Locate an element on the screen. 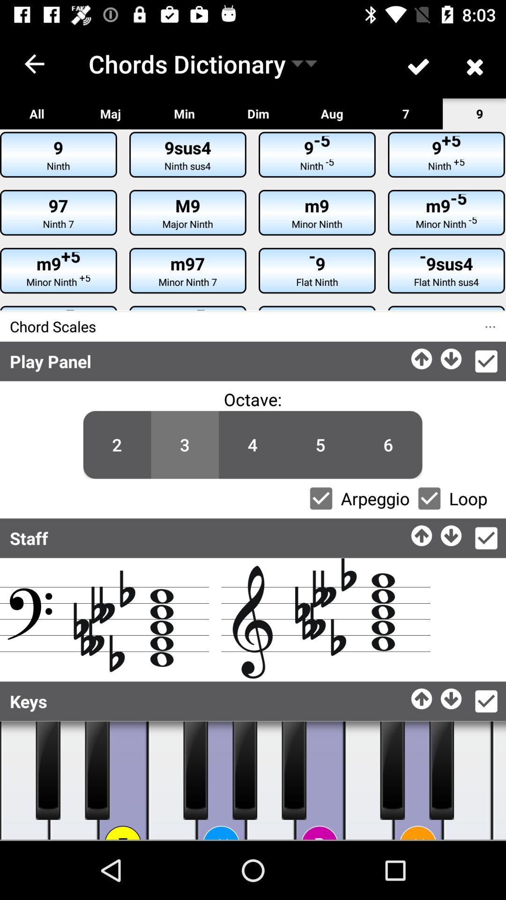 This screenshot has height=900, width=506. ok is located at coordinates (485, 538).